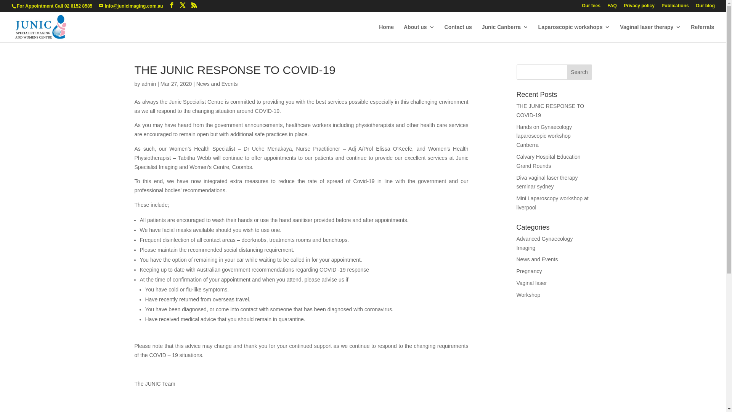  Describe the element at coordinates (386, 33) in the screenshot. I see `'Home'` at that location.